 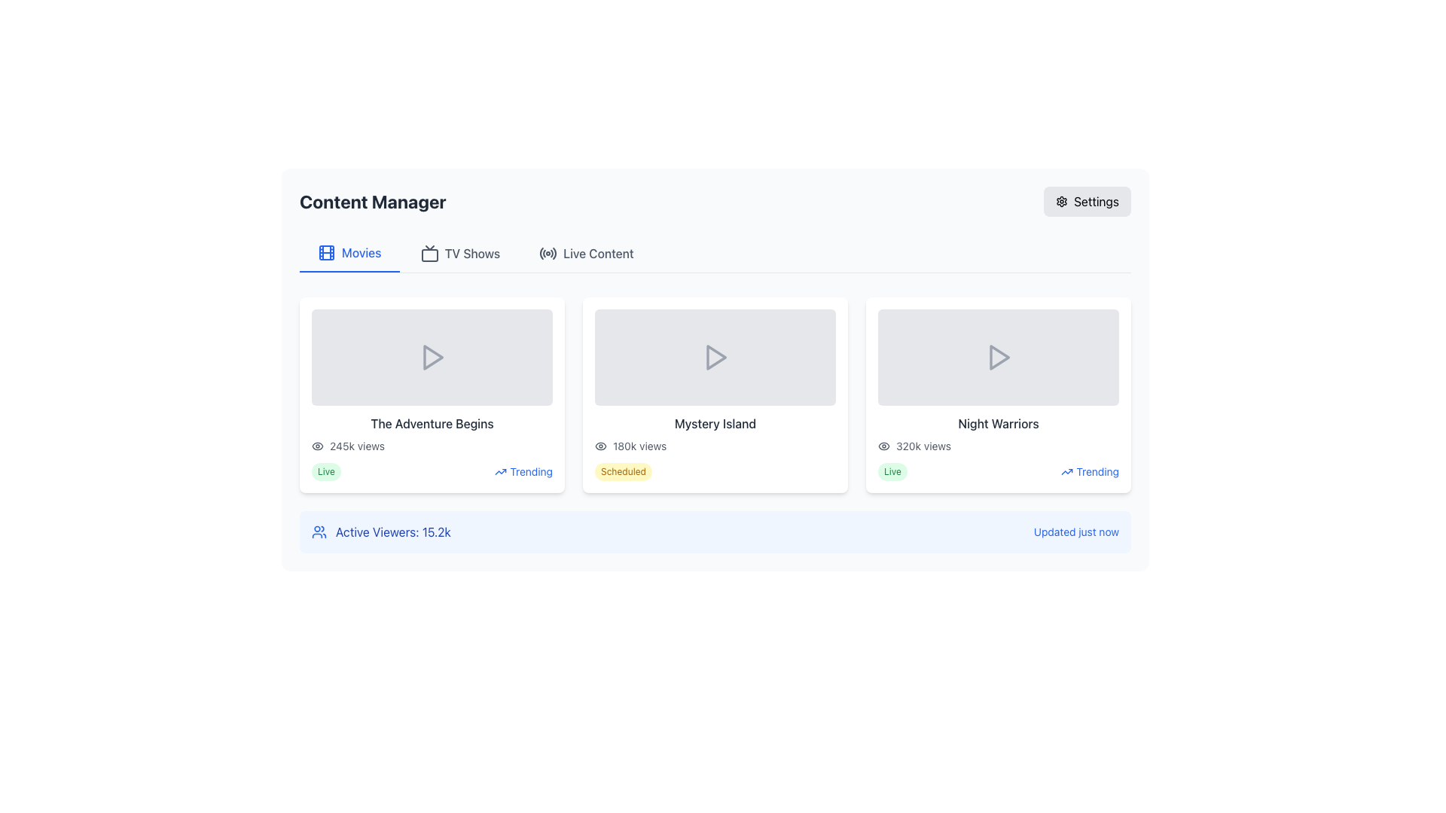 What do you see at coordinates (432, 357) in the screenshot?
I see `the video thumbnail placeholder with a play icon in the first card of the 'Content Manager' interface under the 'Movies' tab` at bounding box center [432, 357].